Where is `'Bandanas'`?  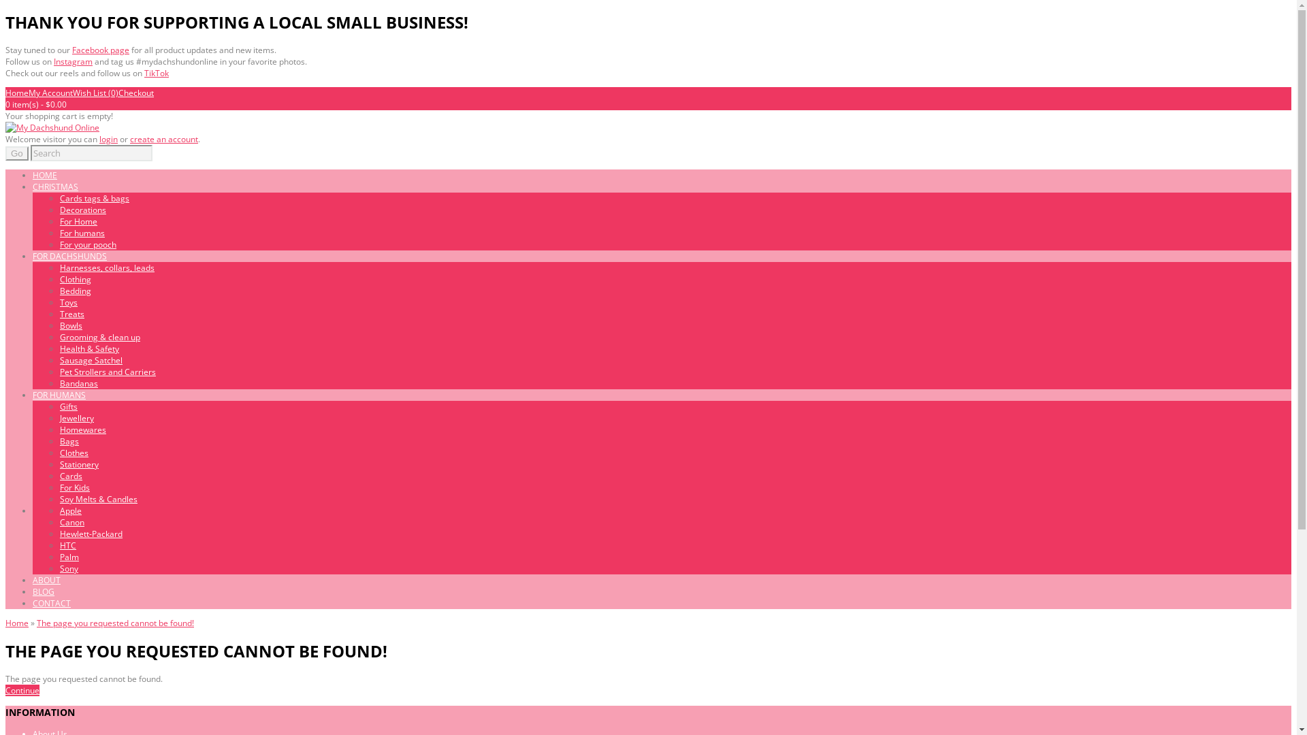
'Bandanas' is located at coordinates (78, 383).